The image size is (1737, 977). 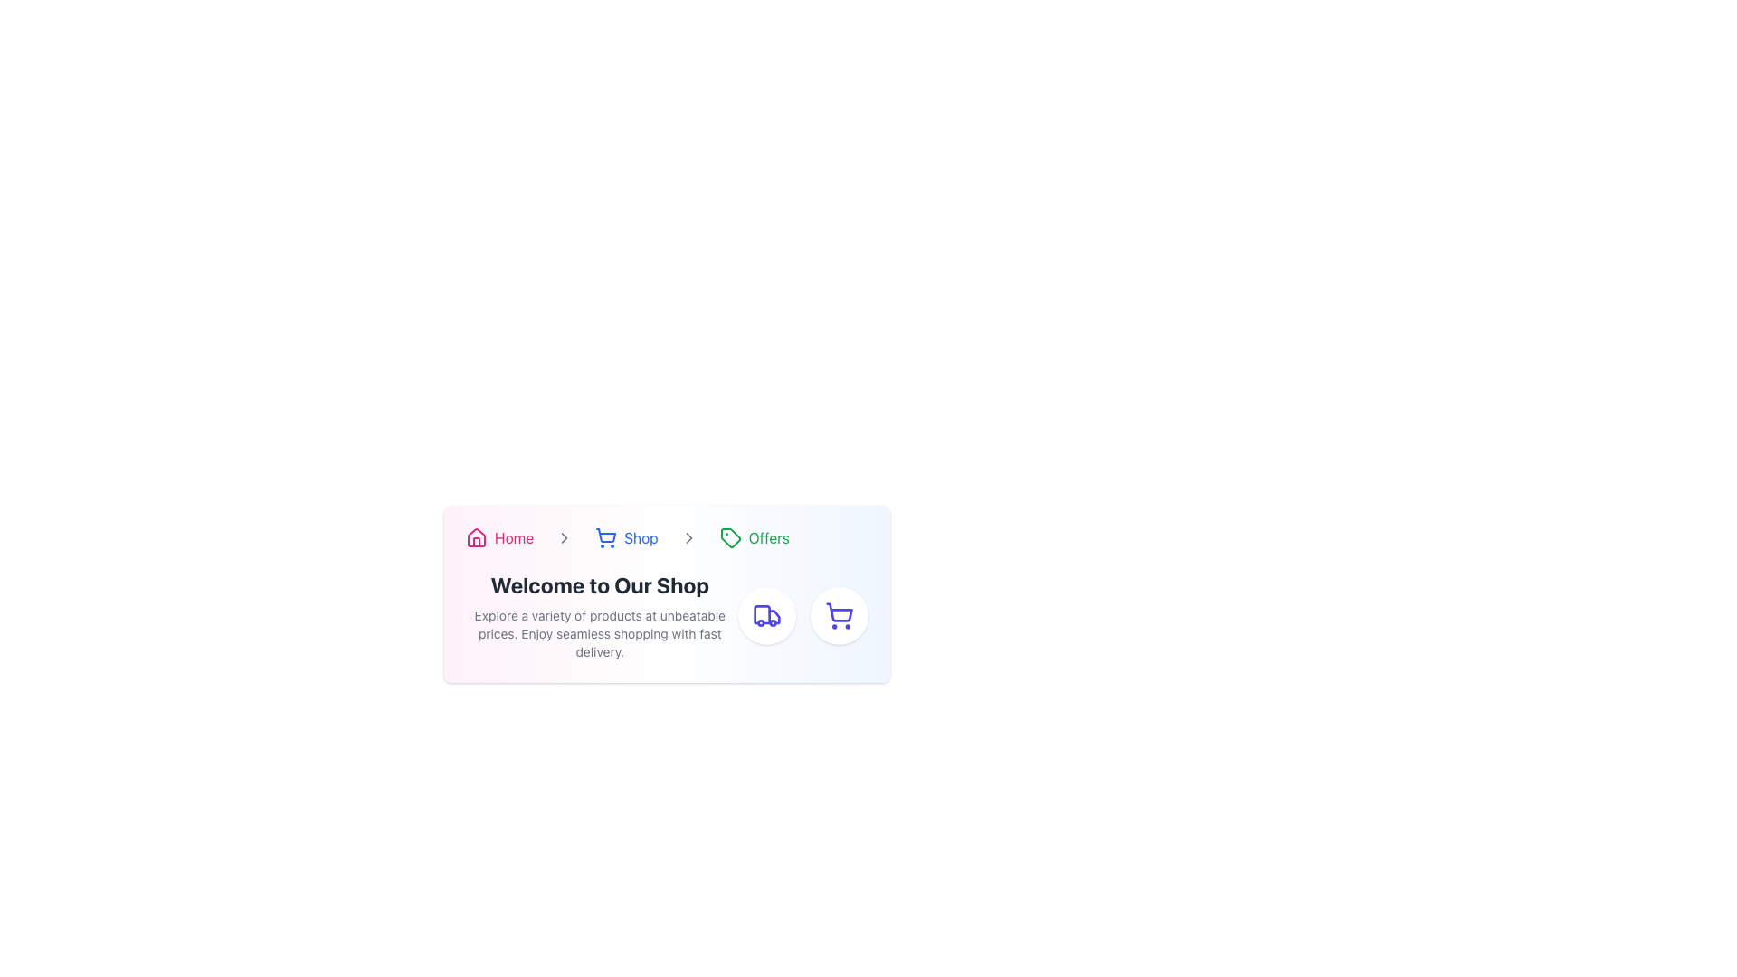 What do you see at coordinates (600, 585) in the screenshot?
I see `text content of the bold, dark text label that says 'Welcome to Our Shop', positioned centrally within the header section` at bounding box center [600, 585].